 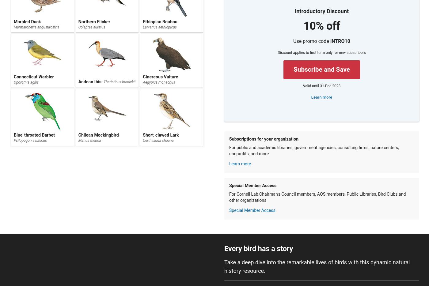 I want to click on 'Cinereous Vulture', so click(x=160, y=77).